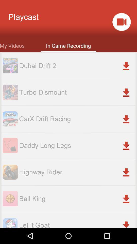 The image size is (137, 244). I want to click on daddy long legs item, so click(77, 145).